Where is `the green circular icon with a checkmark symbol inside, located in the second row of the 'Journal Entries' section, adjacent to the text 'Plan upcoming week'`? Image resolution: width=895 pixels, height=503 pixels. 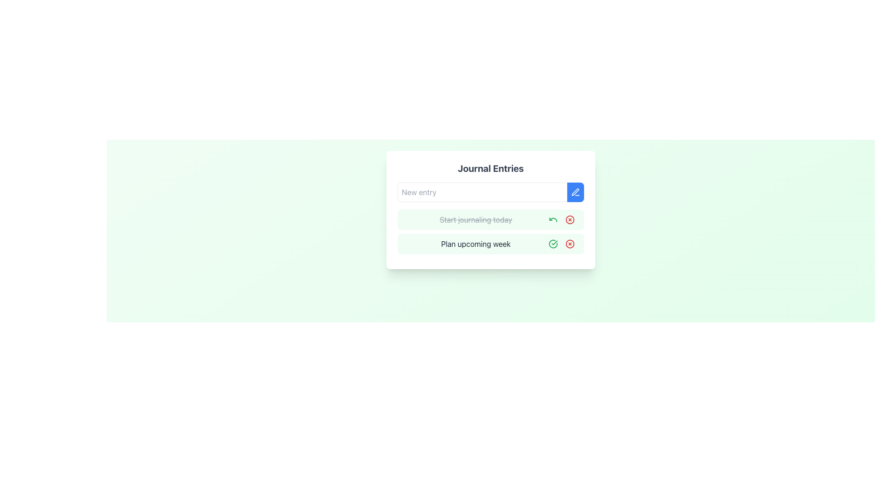 the green circular icon with a checkmark symbol inside, located in the second row of the 'Journal Entries' section, adjacent to the text 'Plan upcoming week' is located at coordinates (553, 244).